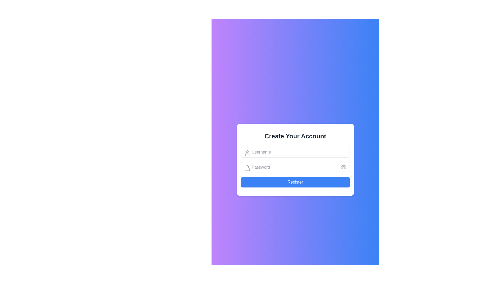 The width and height of the screenshot is (502, 282). What do you see at coordinates (247, 169) in the screenshot?
I see `the lower rectangular portion of the lock icon that symbolizes the password input field` at bounding box center [247, 169].